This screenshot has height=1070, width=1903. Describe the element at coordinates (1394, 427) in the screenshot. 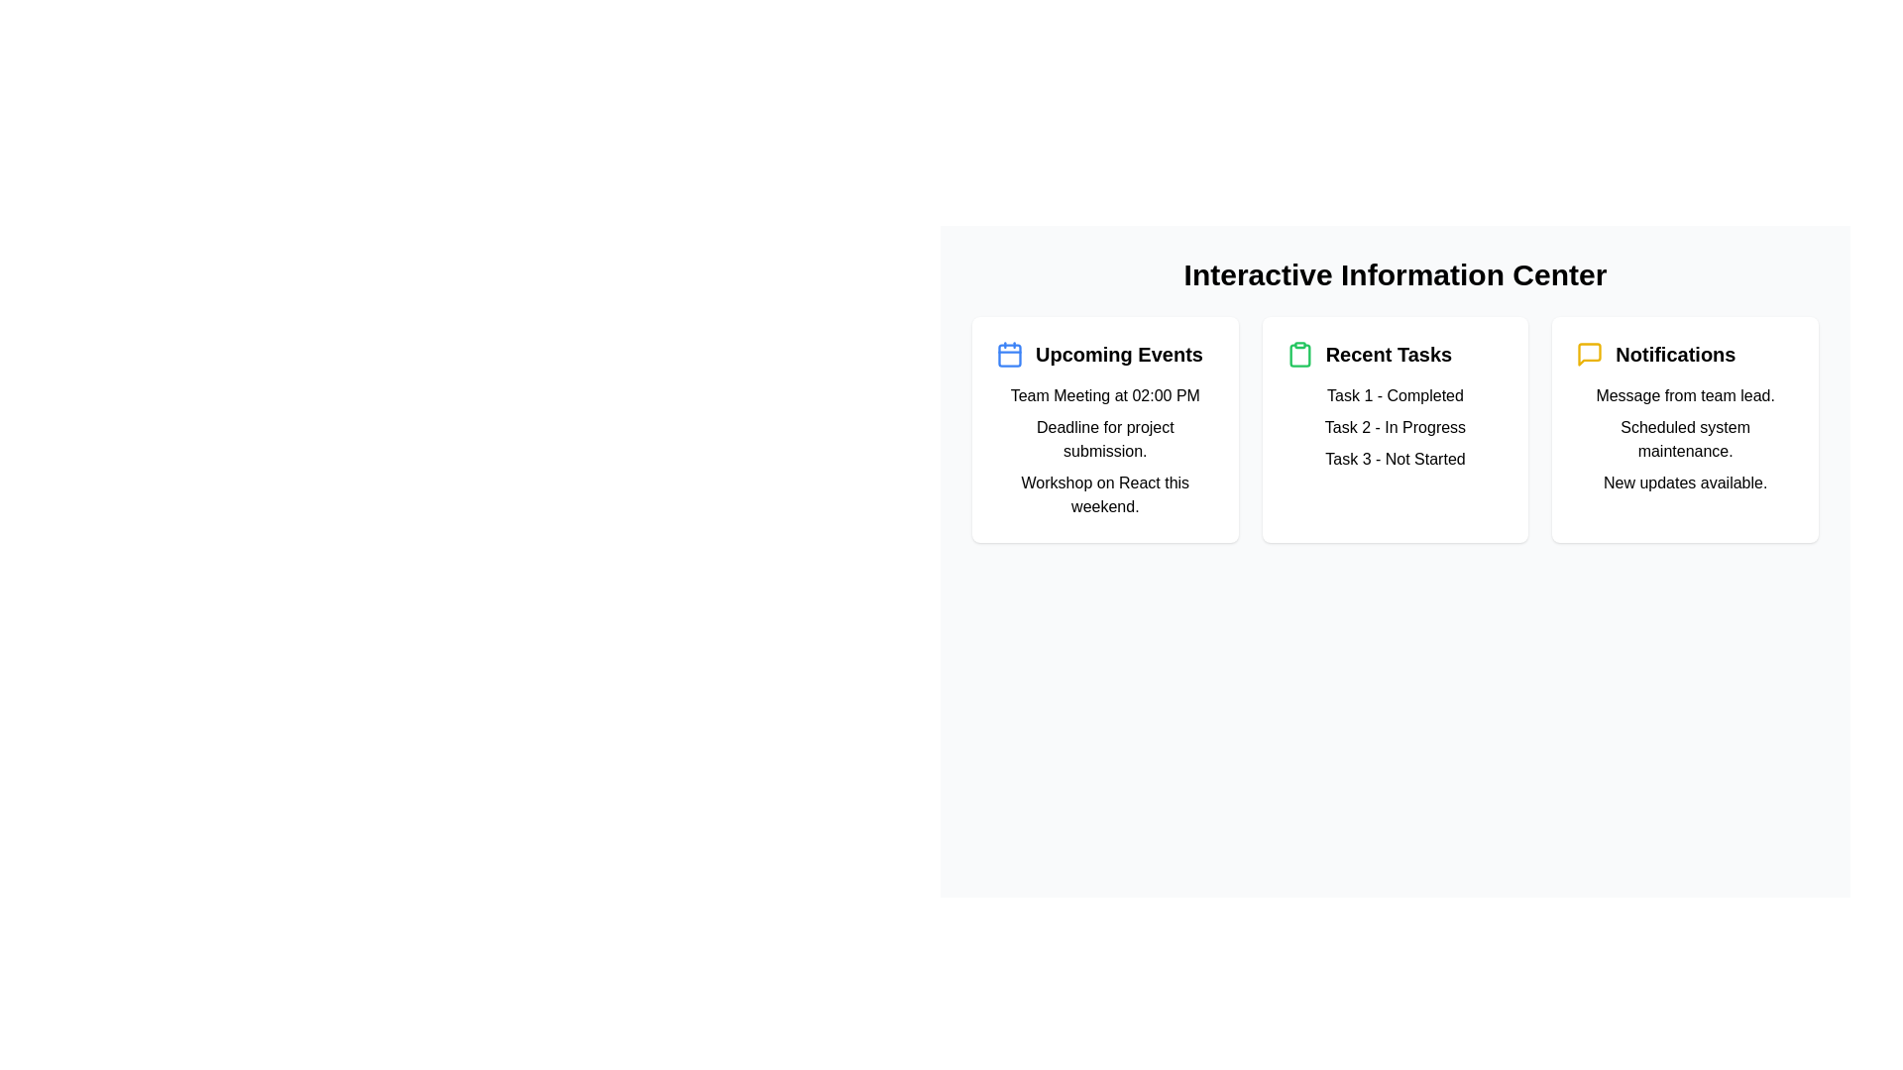

I see `the text label element displaying 'Task 2 - In Progress', which is located in the middle of a three-item list under the 'Recent Tasks' column` at that location.